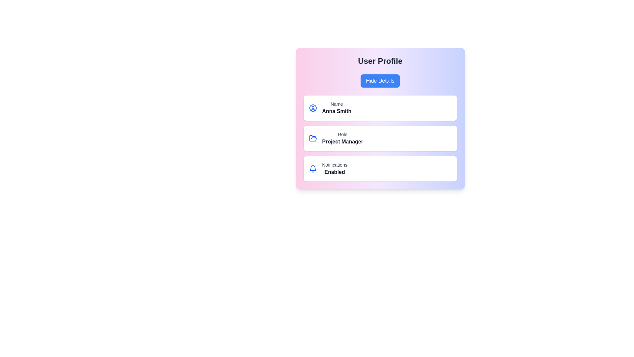  I want to click on the button located below the 'User Profile' title to hide details displayed in the user profile section, so click(380, 81).